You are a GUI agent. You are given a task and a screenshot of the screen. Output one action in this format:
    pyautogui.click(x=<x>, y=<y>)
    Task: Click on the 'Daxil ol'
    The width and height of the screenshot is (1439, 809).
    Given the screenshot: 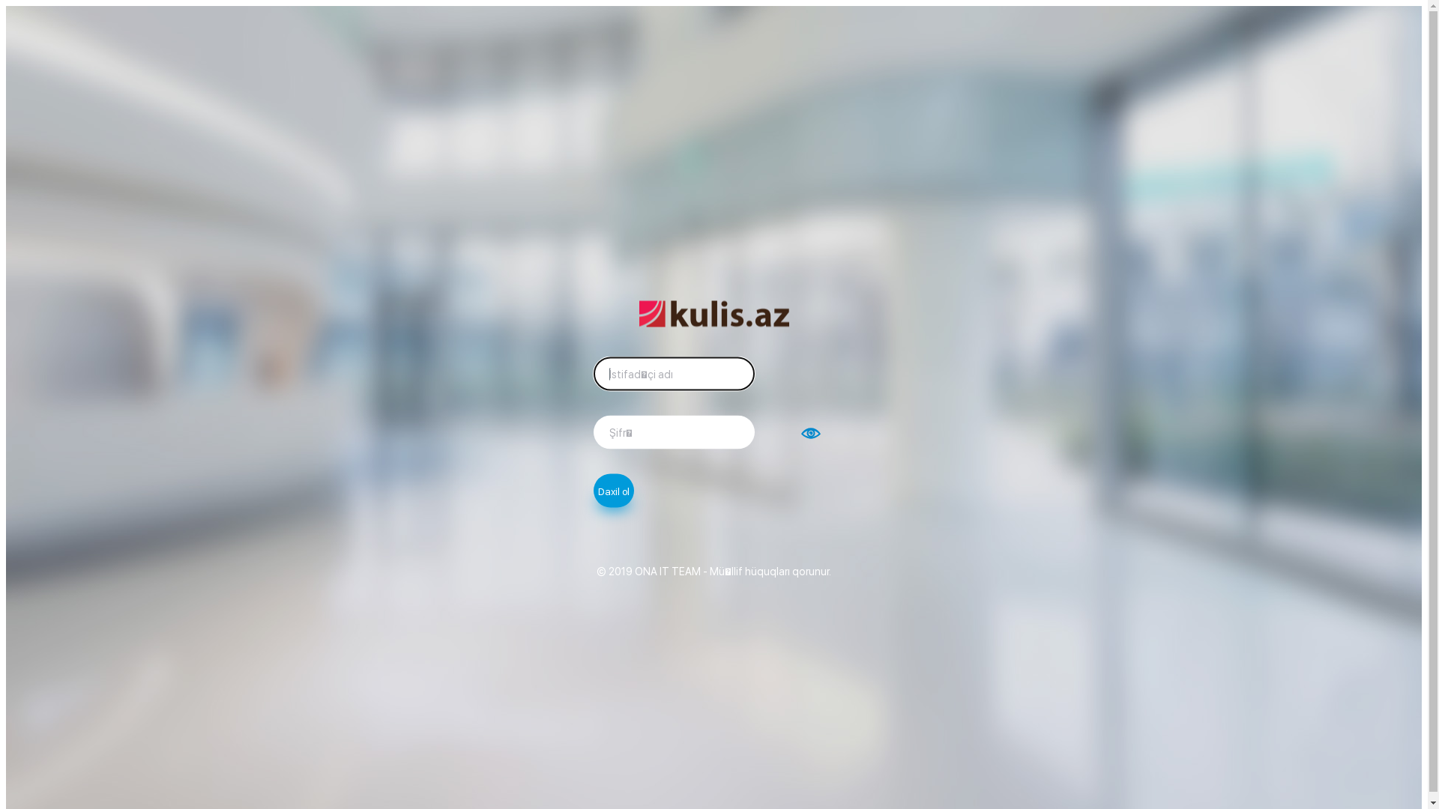 What is the action you would take?
    pyautogui.click(x=614, y=490)
    